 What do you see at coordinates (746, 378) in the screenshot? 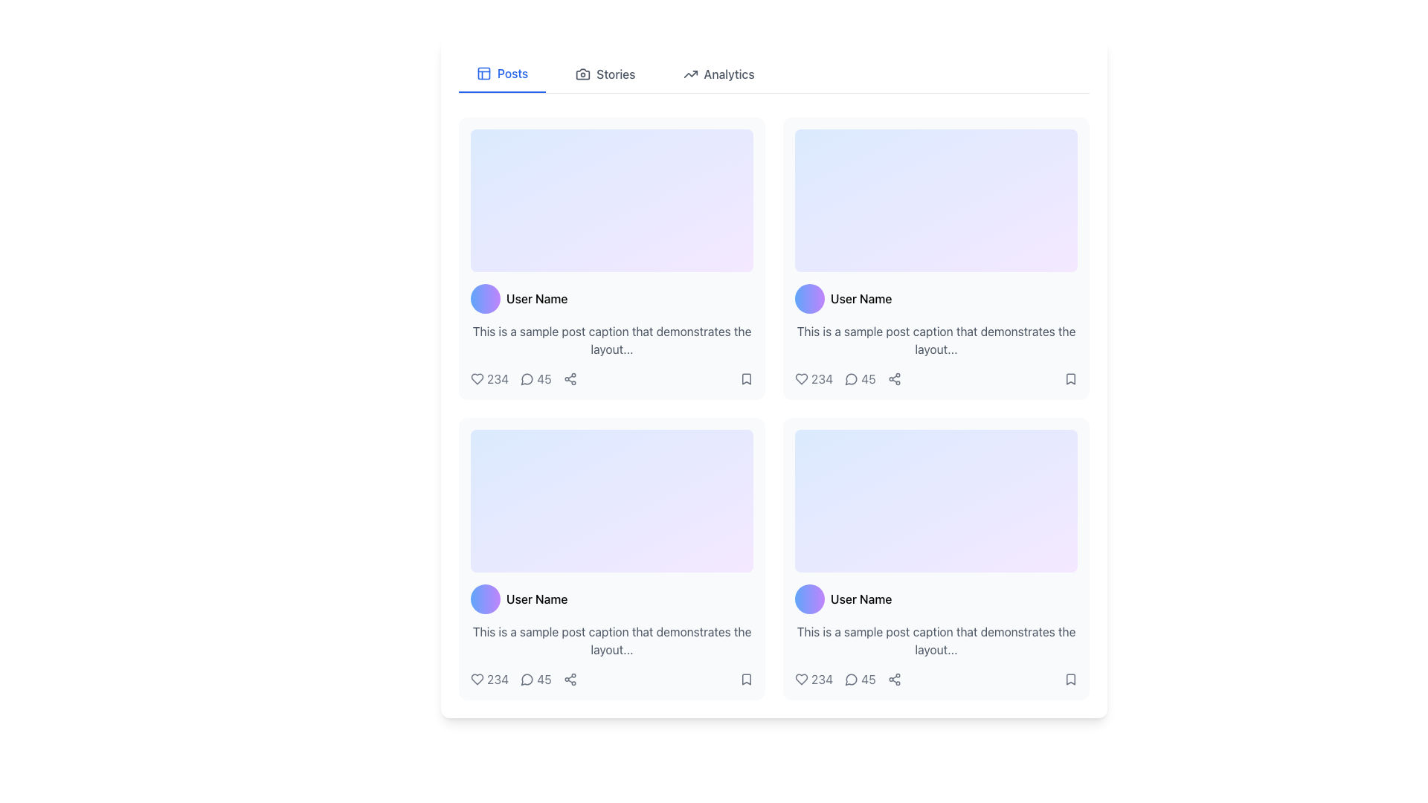
I see `the bookmark icon located at the bottom right corner of the second post in the first row of the grid layout` at bounding box center [746, 378].